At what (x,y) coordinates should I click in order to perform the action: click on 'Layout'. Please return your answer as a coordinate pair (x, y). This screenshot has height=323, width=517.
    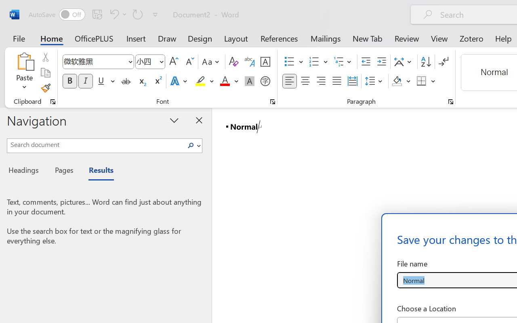
    Looking at the image, I should click on (235, 38).